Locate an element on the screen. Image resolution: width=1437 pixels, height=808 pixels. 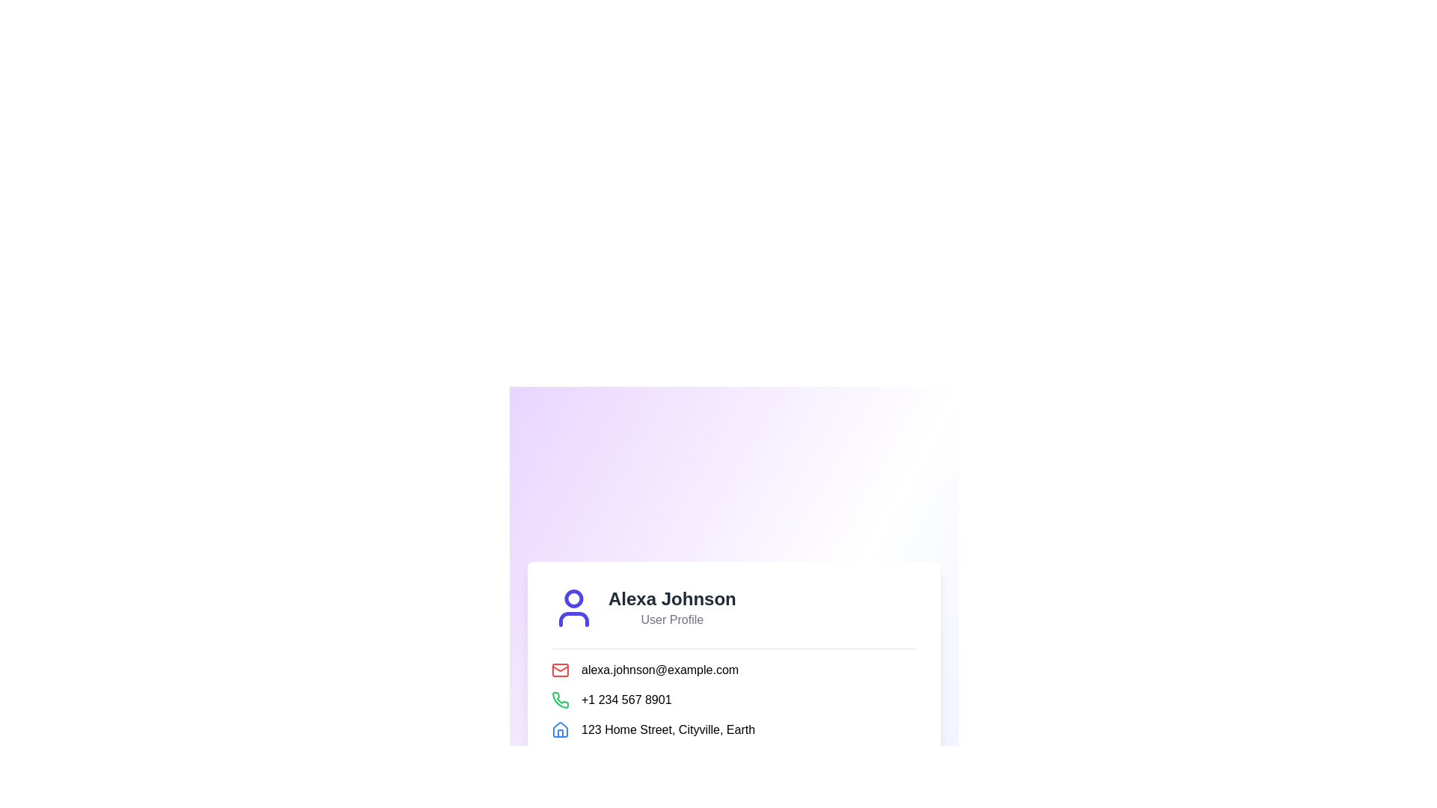
the text label displaying the name 'Alexa Johnson', which is styled in bold and large font, located at the top of the user information card is located at coordinates (671, 598).